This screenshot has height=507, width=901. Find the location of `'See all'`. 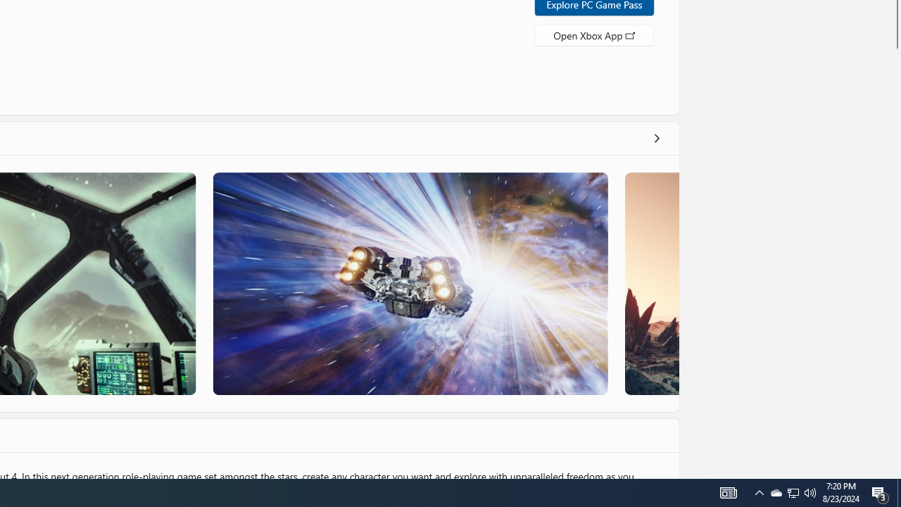

'See all' is located at coordinates (655, 137).